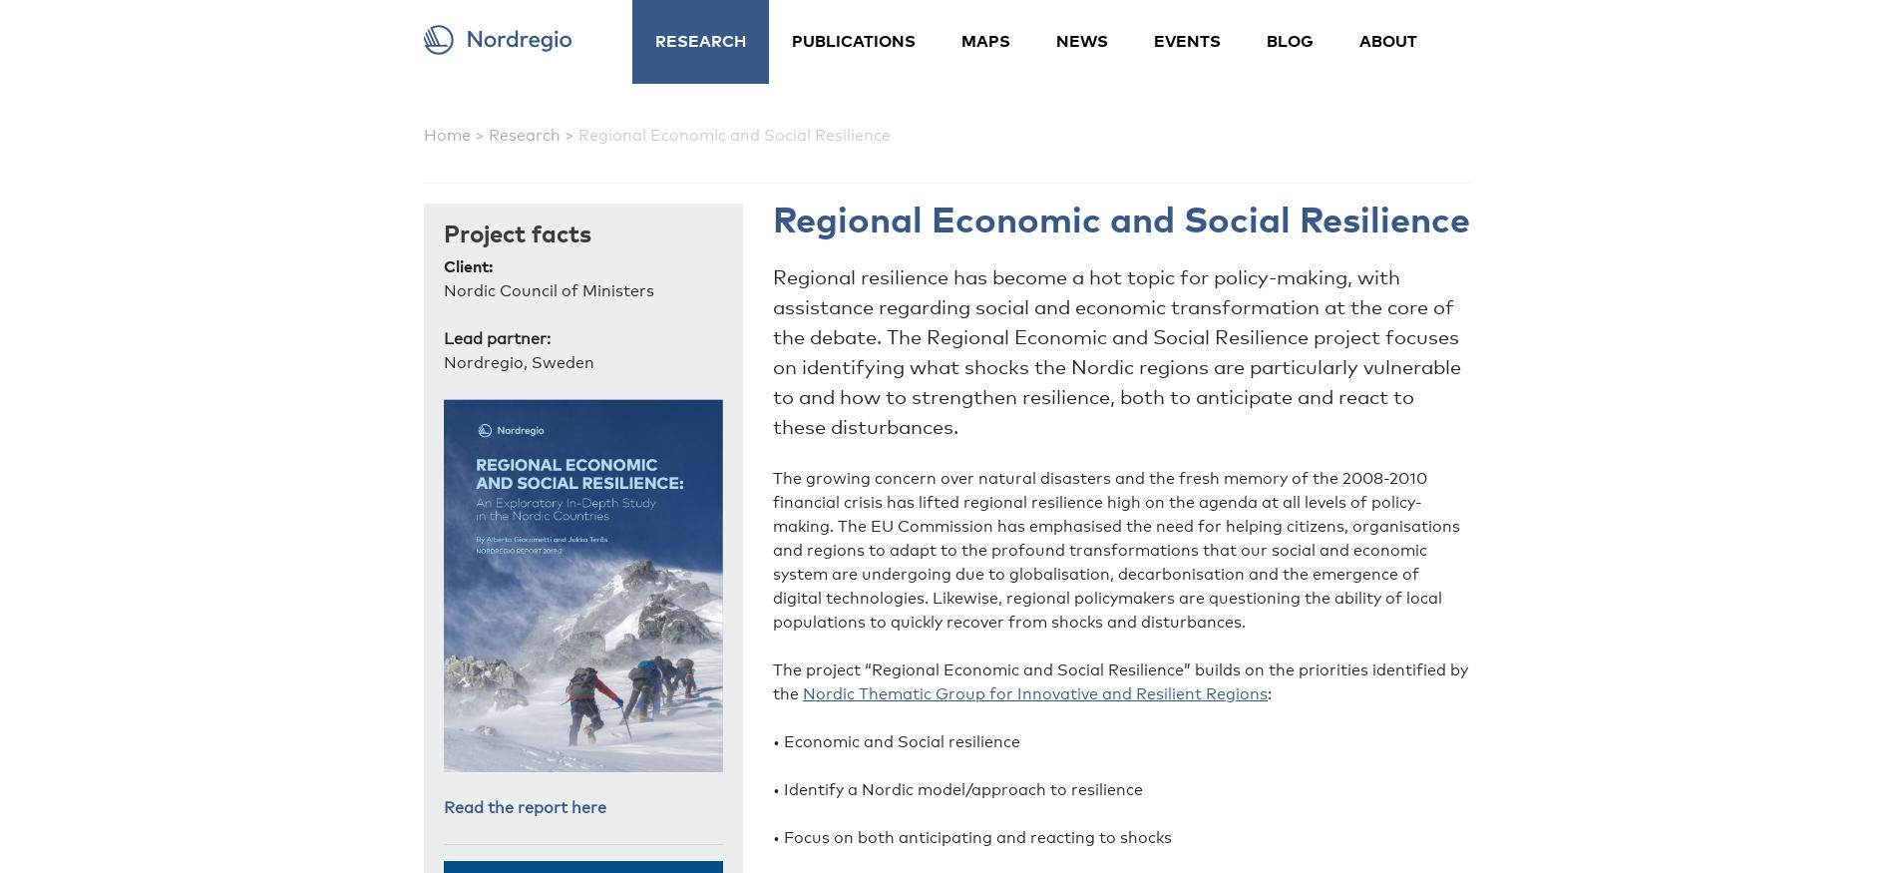 Image resolution: width=1895 pixels, height=873 pixels. I want to click on '• Identify a Nordic model/approach to resilience', so click(957, 788).